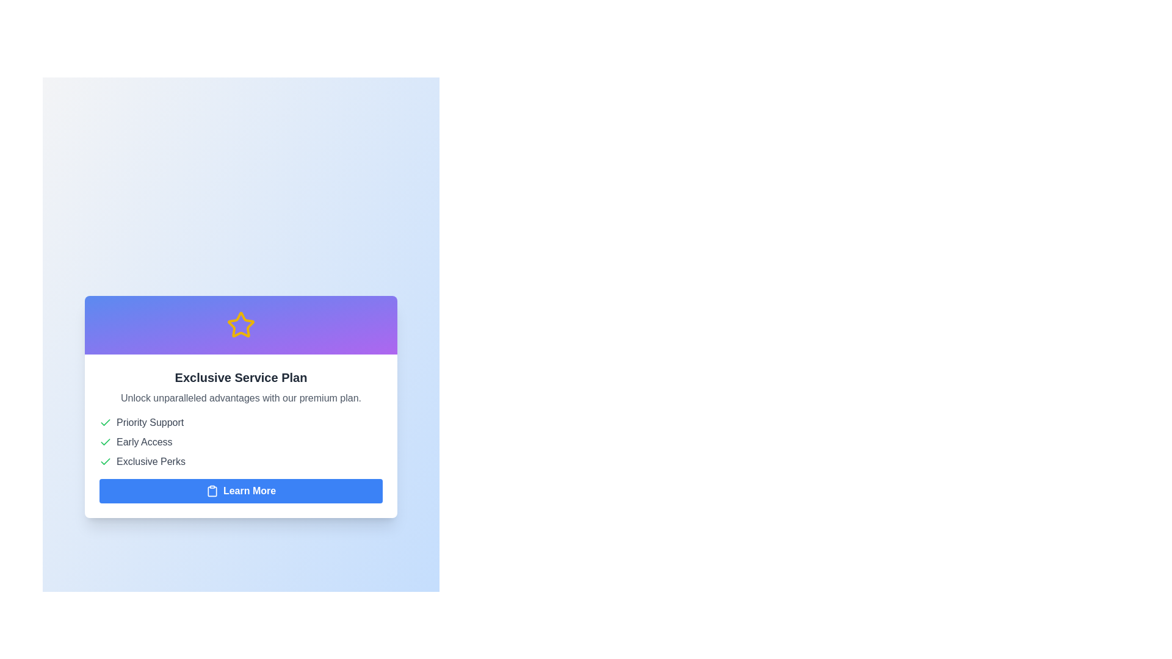  Describe the element at coordinates (241, 442) in the screenshot. I see `entries of the list that visually represents the features included in the 'Exclusive Service Plan' card located centrally between the title and the 'Learn More' button` at that location.